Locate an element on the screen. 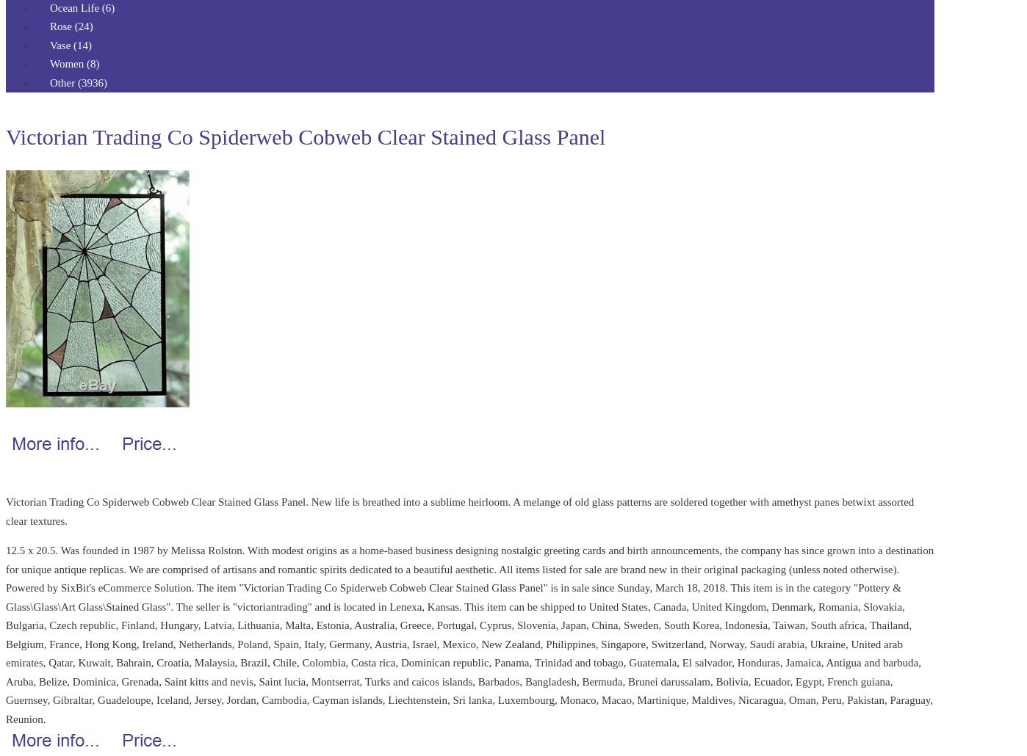 The height and width of the screenshot is (756, 1027). 'Victorian Trading Co Spiderweb Cobweb Clear Stained Glass Panel. New life is breathed into a sublime heirloom. A melange of old glass patterns are soldered together with amethyst panes betwixt assorted clear textures.' is located at coordinates (5, 511).